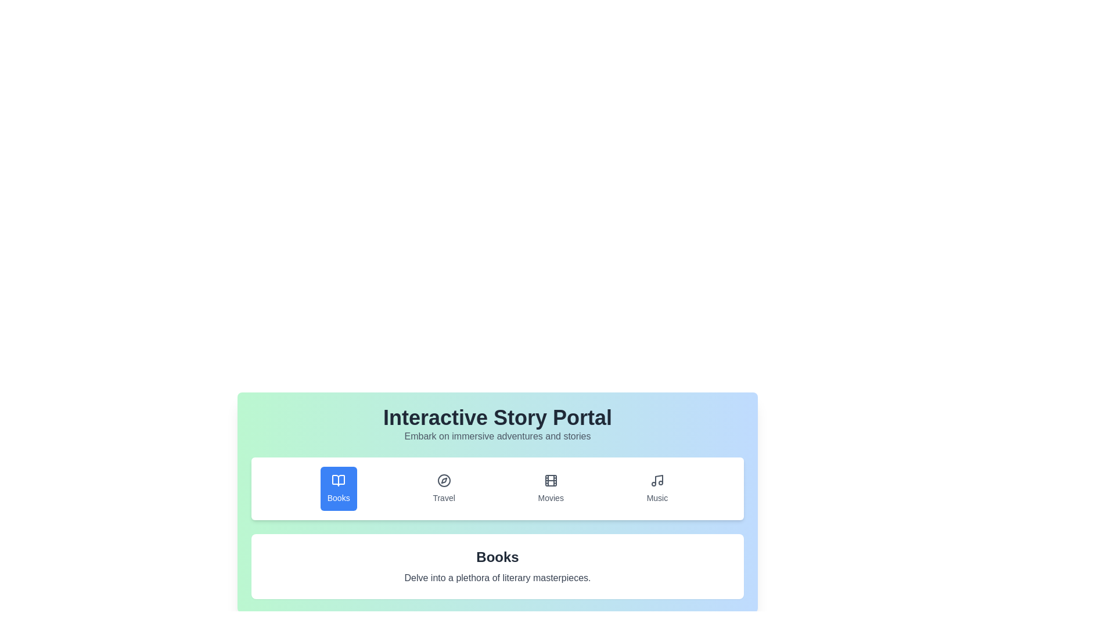  What do you see at coordinates (498, 418) in the screenshot?
I see `the main heading of the 'Interactive Story Portal', which is centrally located at the top section of the interface, above the subtitle text` at bounding box center [498, 418].